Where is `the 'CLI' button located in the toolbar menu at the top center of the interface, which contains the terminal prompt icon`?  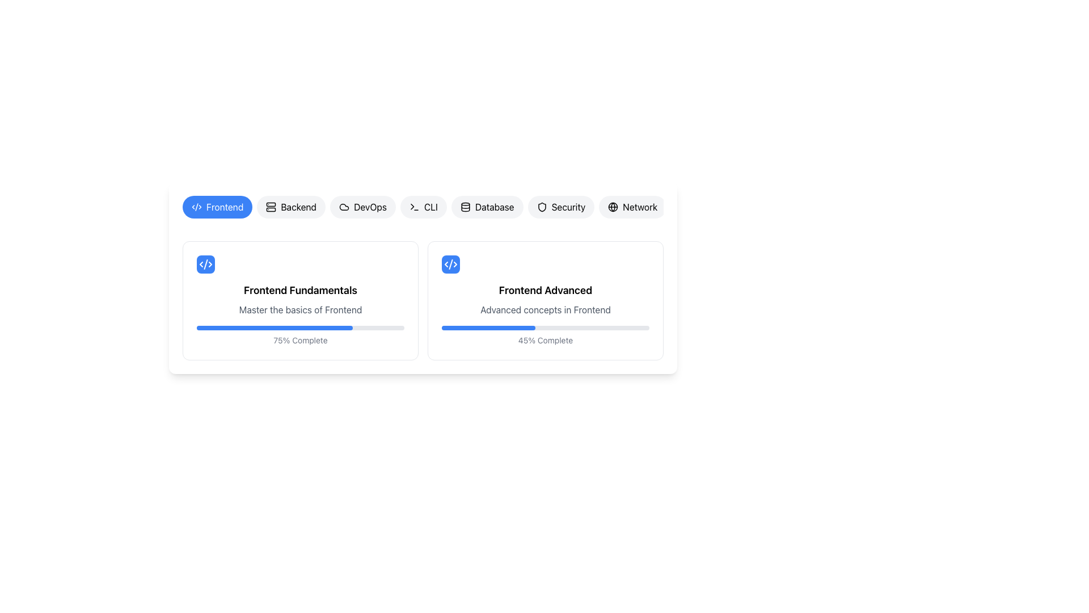 the 'CLI' button located in the toolbar menu at the top center of the interface, which contains the terminal prompt icon is located at coordinates (413, 207).